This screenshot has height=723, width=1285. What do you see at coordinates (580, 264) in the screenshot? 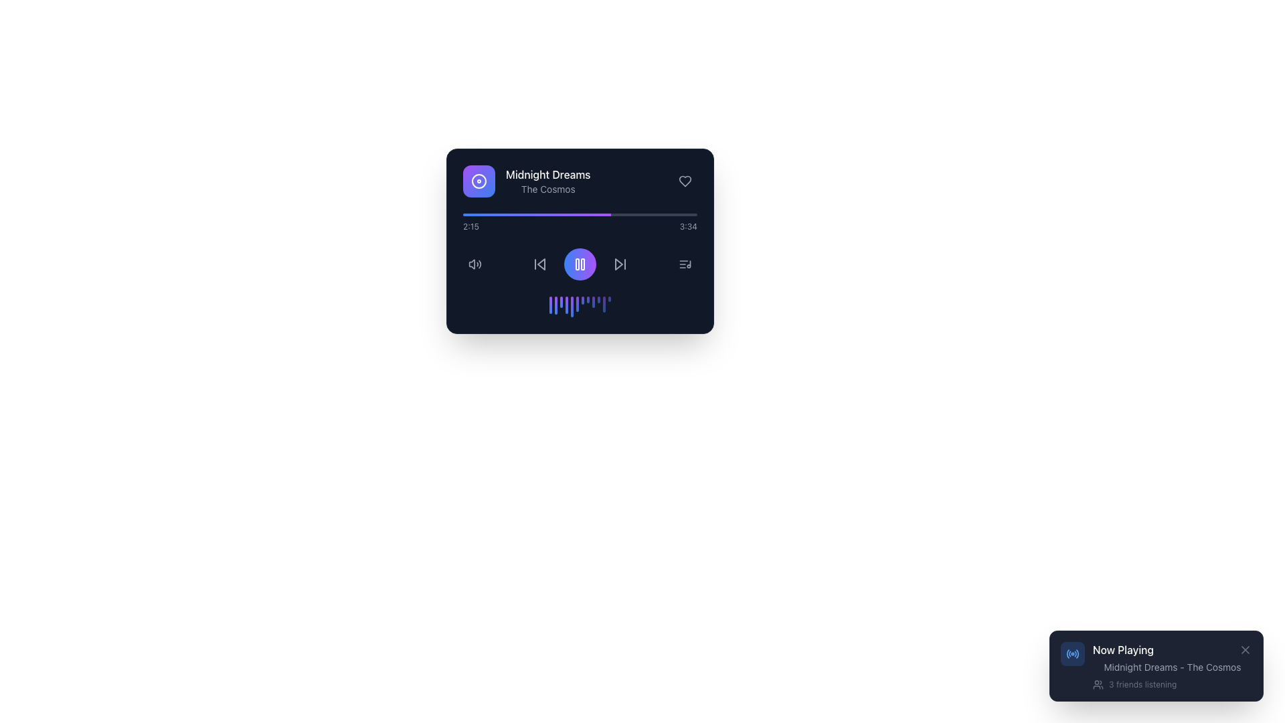
I see `the circular button with a gradient background and a pause symbol in the center for visual feedback` at bounding box center [580, 264].